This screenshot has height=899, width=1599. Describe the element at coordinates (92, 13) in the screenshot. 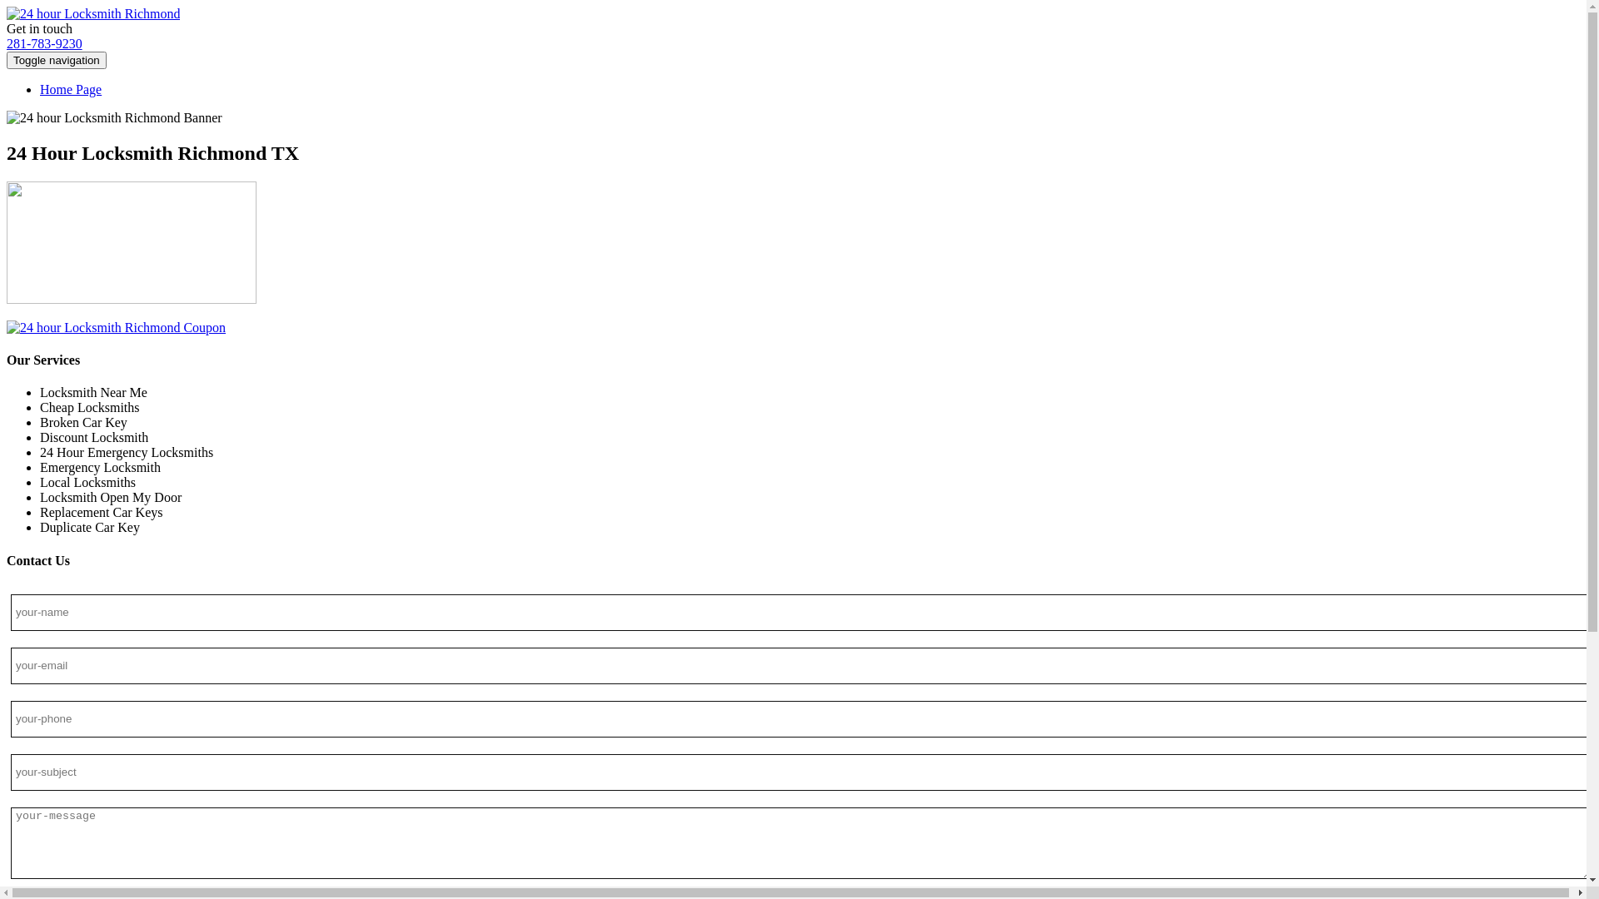

I see `'24 hour Locksmith Richmond'` at that location.